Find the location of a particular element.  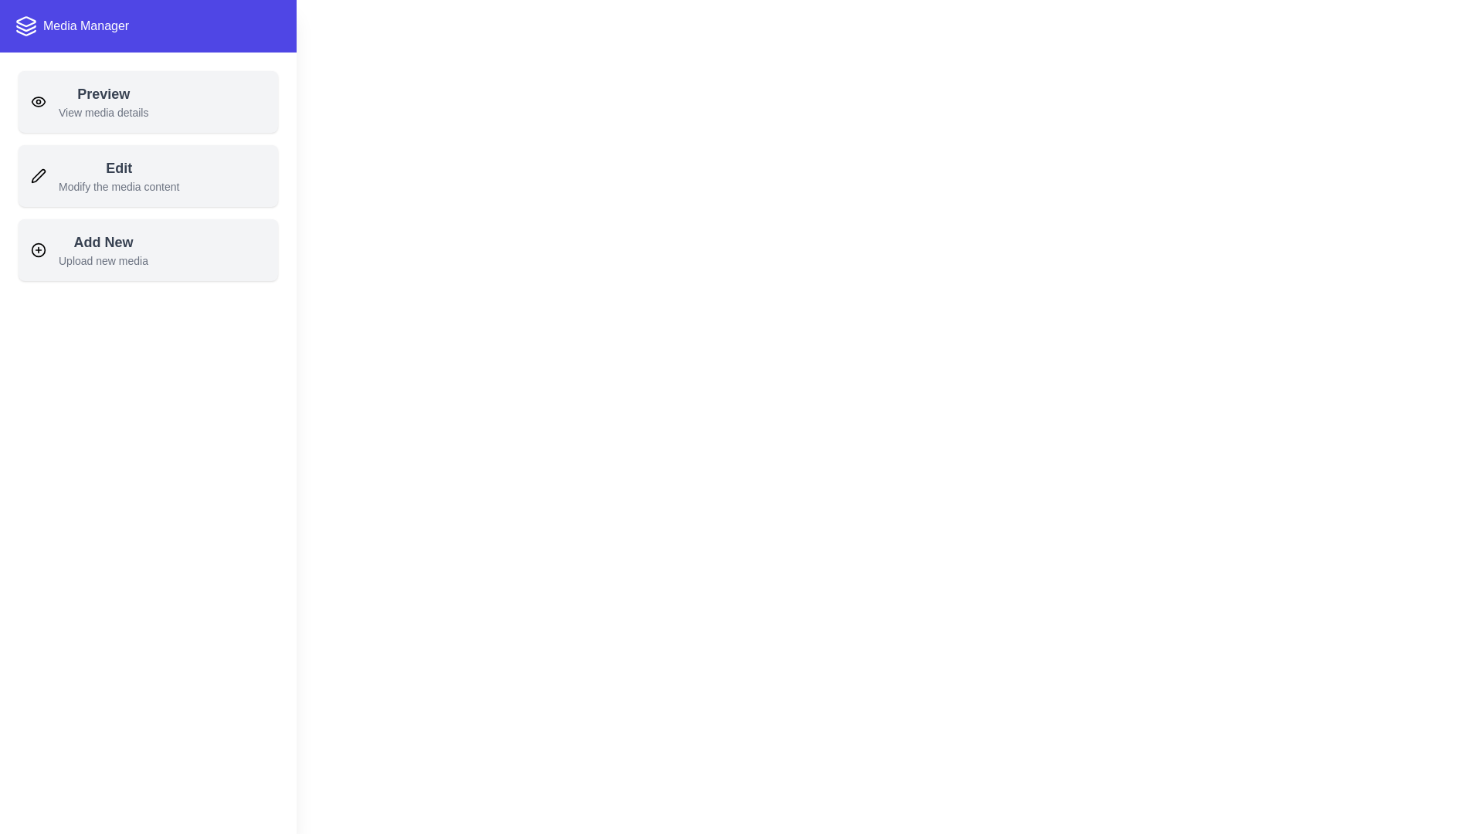

the 'Edit' button to modify media content is located at coordinates (148, 175).